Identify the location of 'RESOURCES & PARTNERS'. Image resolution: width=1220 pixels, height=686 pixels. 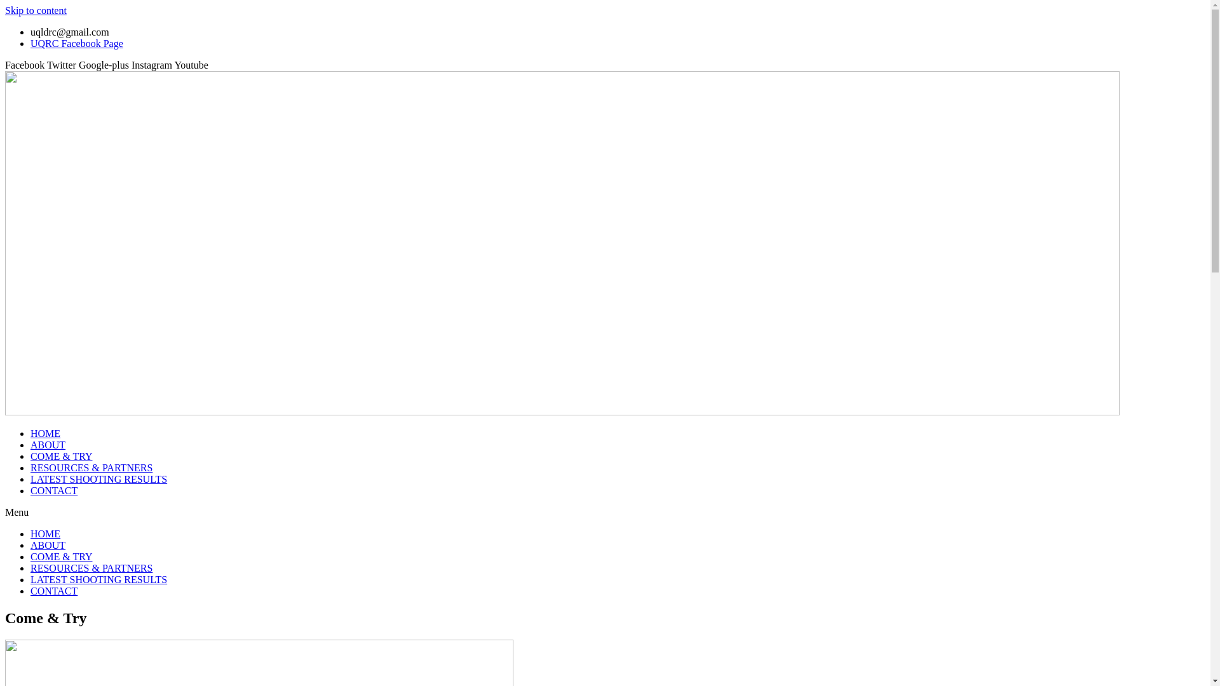
(91, 567).